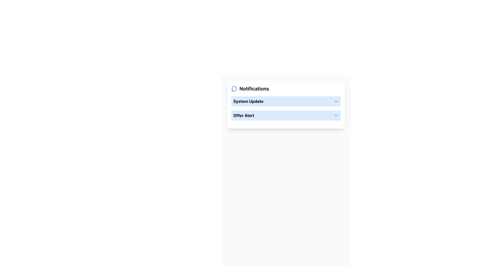 The image size is (486, 273). What do you see at coordinates (234, 88) in the screenshot?
I see `the circular speech bubble icon located in the header section of the notification card, positioned to the left of the 'Notifications' title` at bounding box center [234, 88].